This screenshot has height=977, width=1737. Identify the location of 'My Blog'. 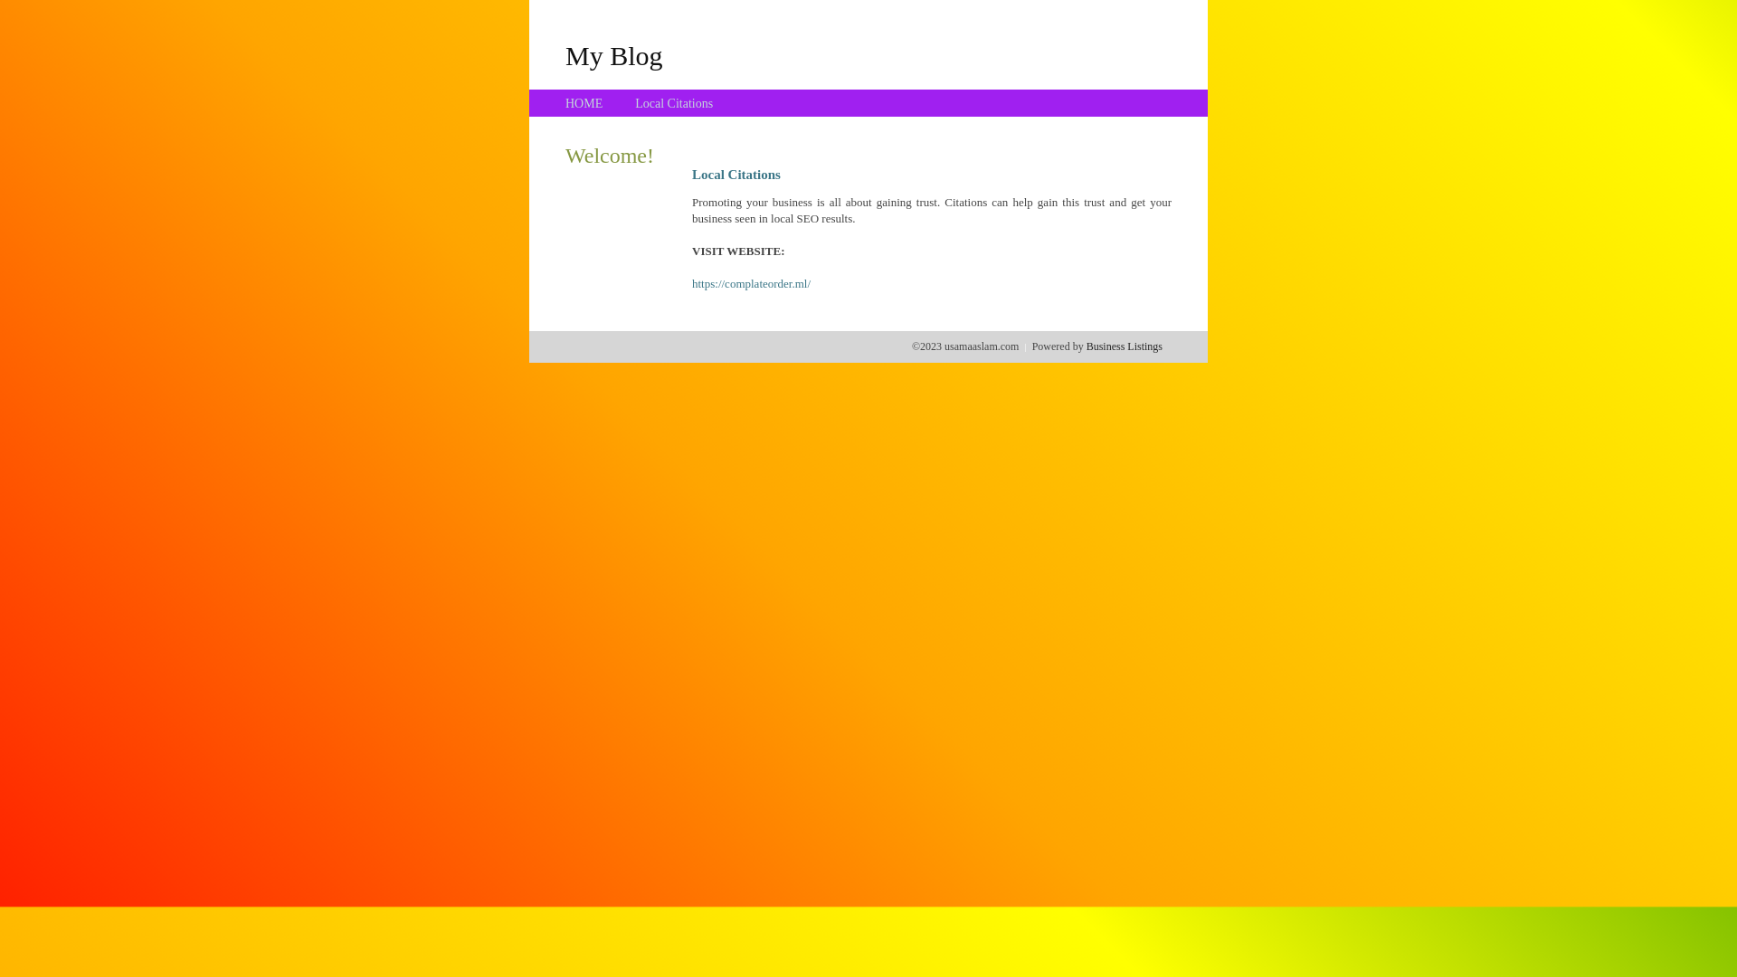
(613, 54).